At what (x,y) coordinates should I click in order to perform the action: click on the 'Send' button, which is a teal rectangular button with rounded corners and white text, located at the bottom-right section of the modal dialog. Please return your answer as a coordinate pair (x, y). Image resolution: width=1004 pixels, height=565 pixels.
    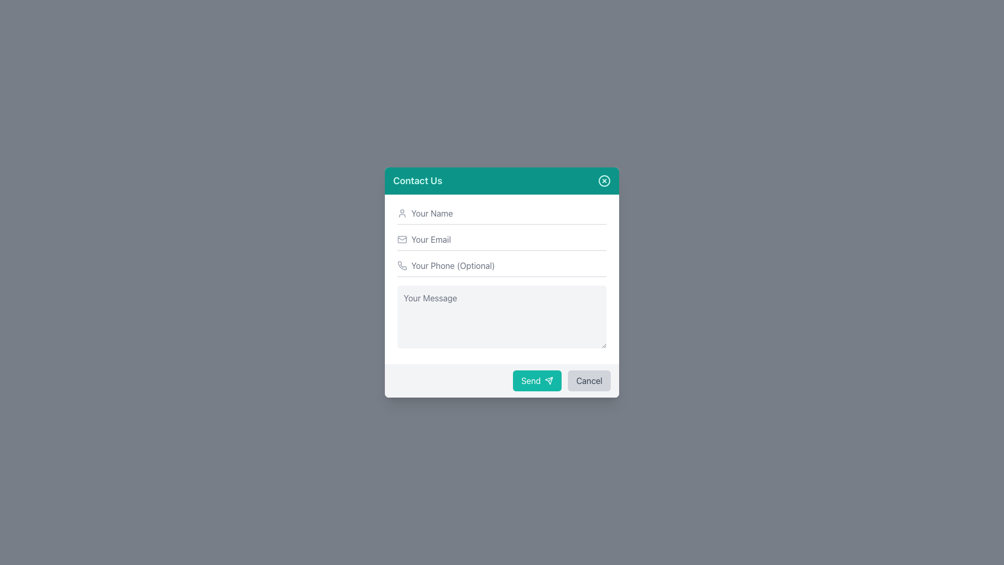
    Looking at the image, I should click on (537, 381).